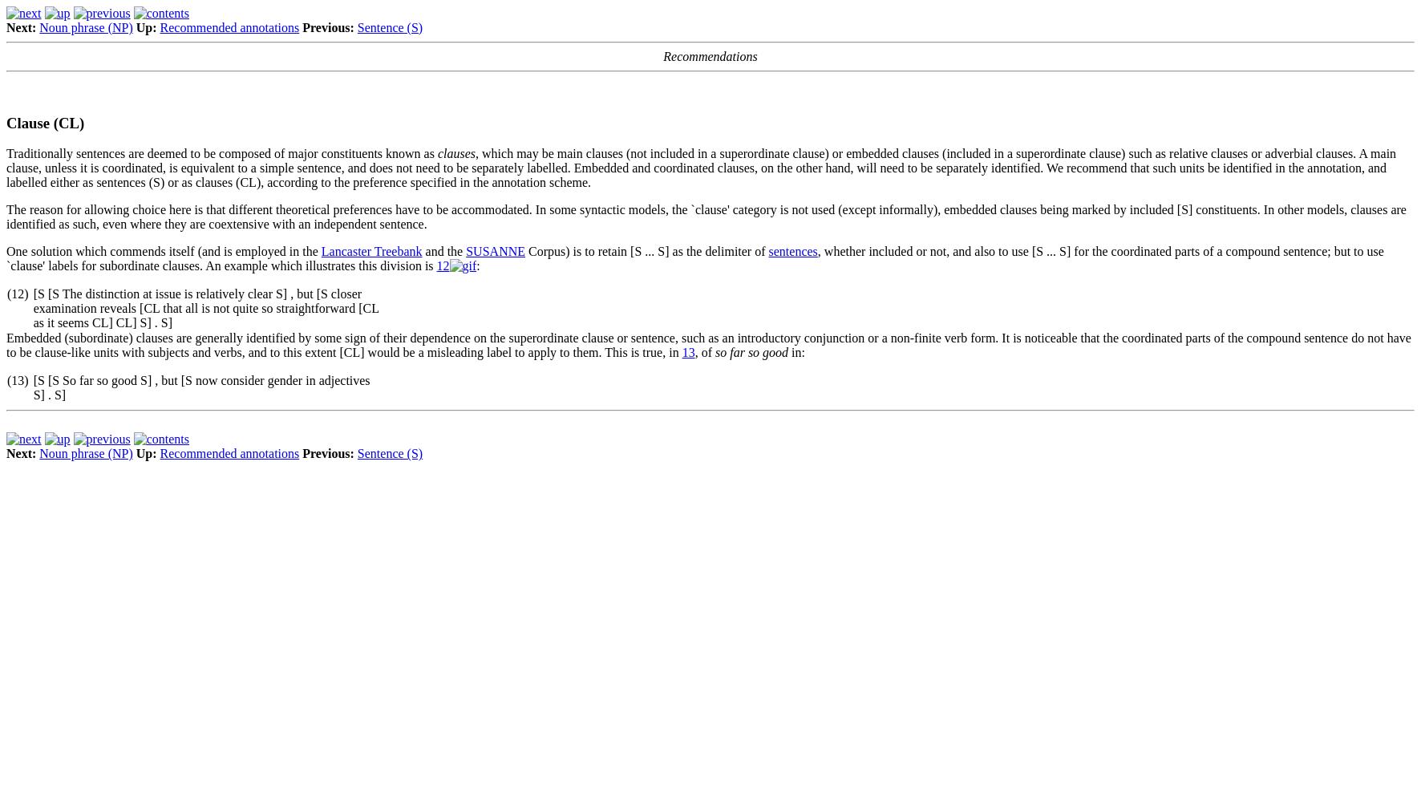 The width and height of the screenshot is (1421, 802). What do you see at coordinates (646, 250) in the screenshot?
I see `'Corpus) is to retain

[S ... S] as the delimiter of'` at bounding box center [646, 250].